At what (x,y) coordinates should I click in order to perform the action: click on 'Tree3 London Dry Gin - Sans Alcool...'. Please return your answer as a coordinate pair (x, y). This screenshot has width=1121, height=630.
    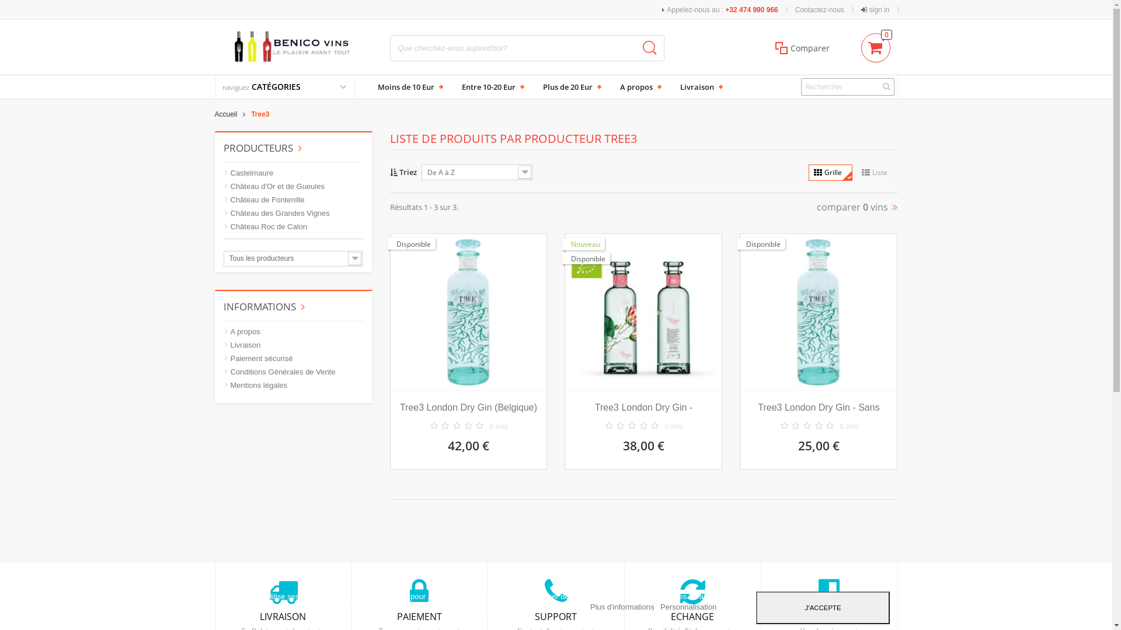
    Looking at the image, I should click on (817, 407).